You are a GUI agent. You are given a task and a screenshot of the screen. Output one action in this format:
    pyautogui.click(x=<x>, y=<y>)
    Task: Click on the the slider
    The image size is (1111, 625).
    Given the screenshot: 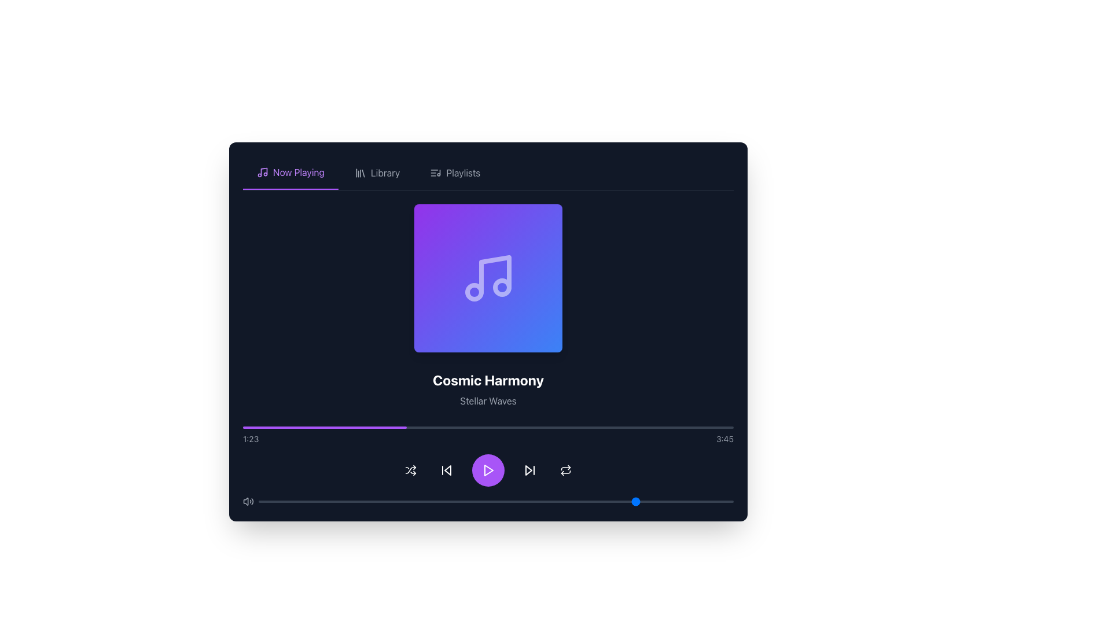 What is the action you would take?
    pyautogui.click(x=619, y=501)
    